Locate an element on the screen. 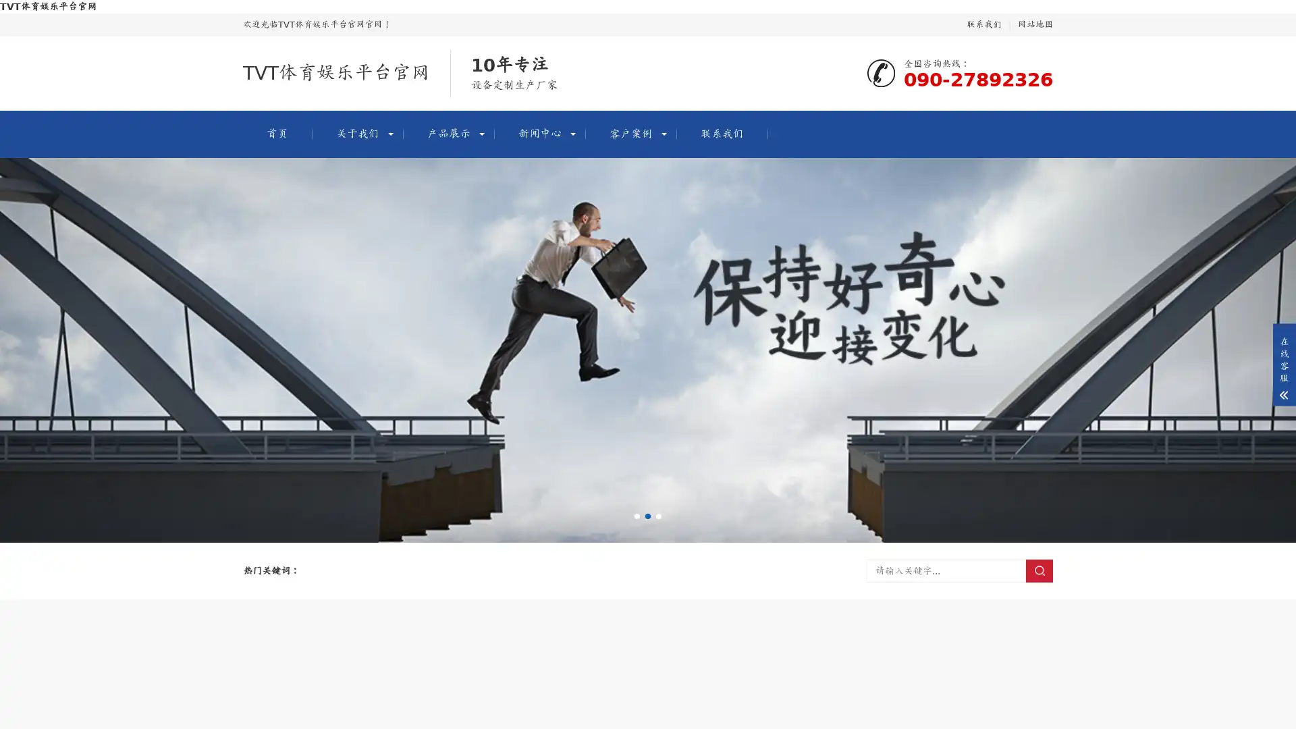 This screenshot has width=1296, height=729. Go to slide 2 is located at coordinates (648, 516).